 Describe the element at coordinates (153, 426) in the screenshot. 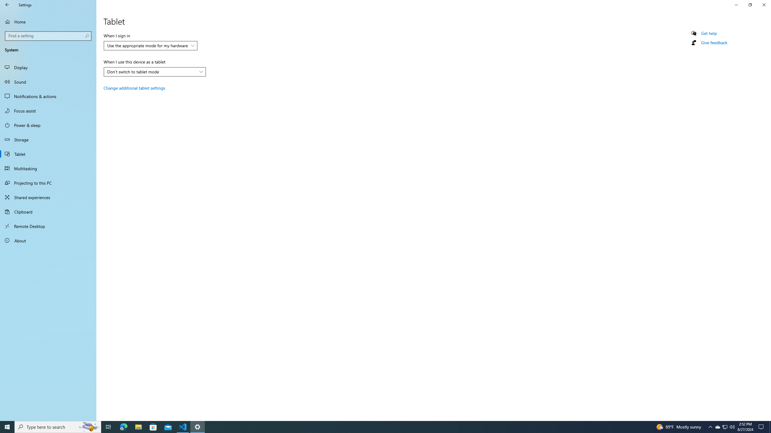

I see `'Microsoft Store'` at that location.